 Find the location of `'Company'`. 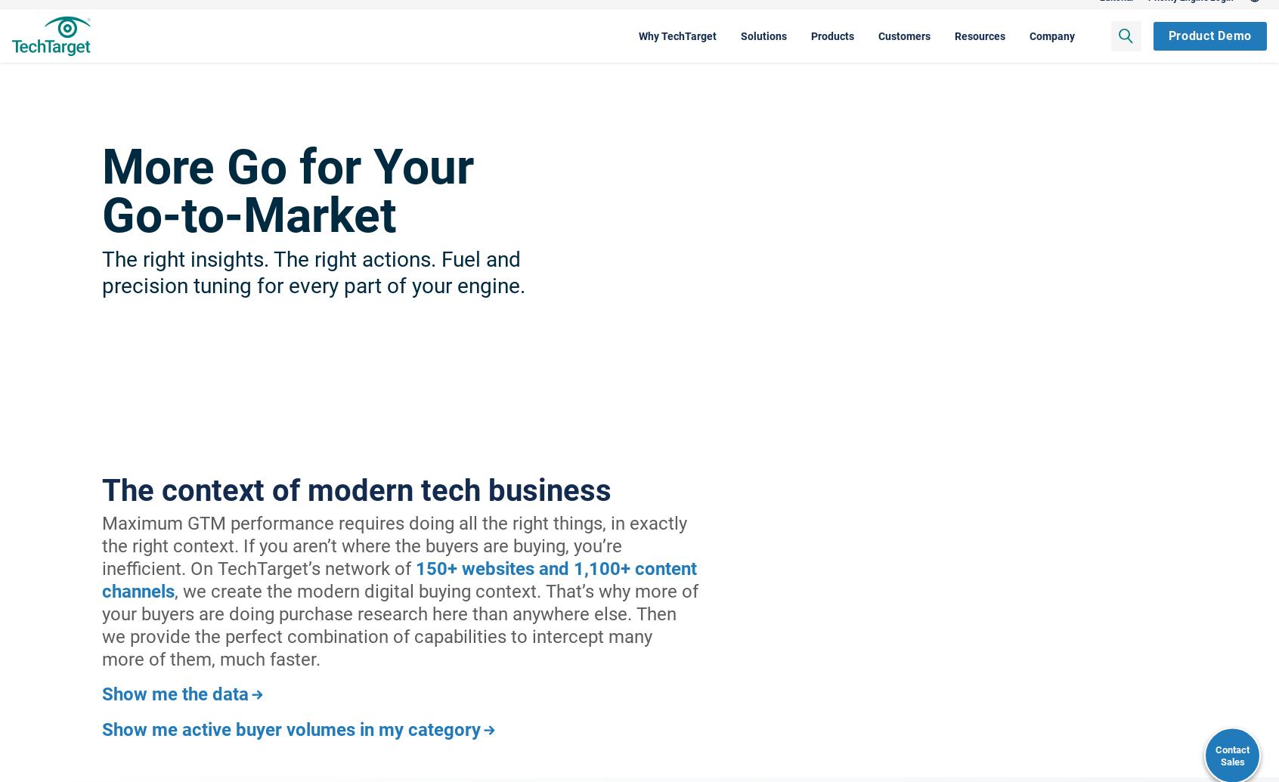

'Company' is located at coordinates (961, 50).